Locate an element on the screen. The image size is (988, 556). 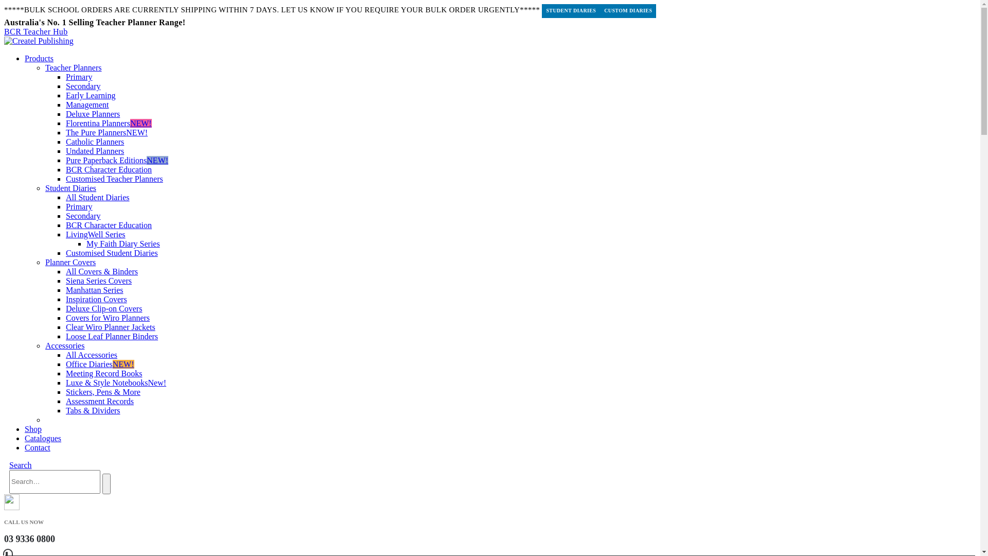
'Early Learning' is located at coordinates (91, 95).